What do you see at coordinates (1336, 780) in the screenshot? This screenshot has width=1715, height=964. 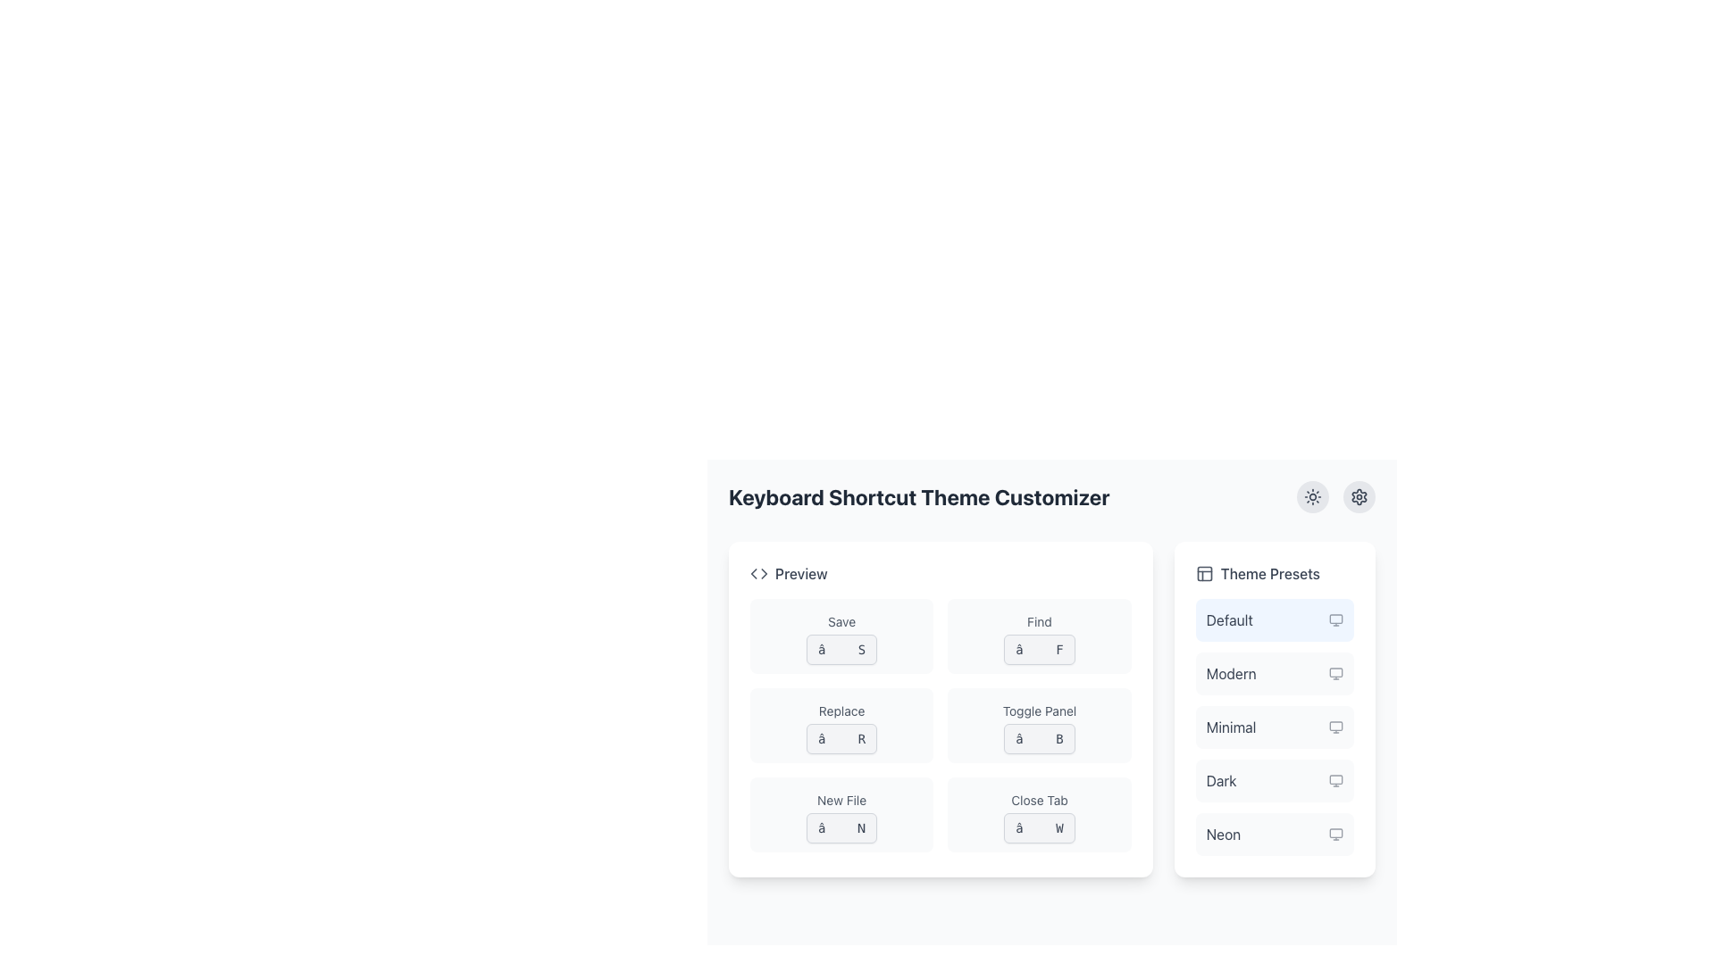 I see `computer monitor icon associated with the 'Dark' theme preset, located in the fourth position within the 'Theme Presets' section` at bounding box center [1336, 780].